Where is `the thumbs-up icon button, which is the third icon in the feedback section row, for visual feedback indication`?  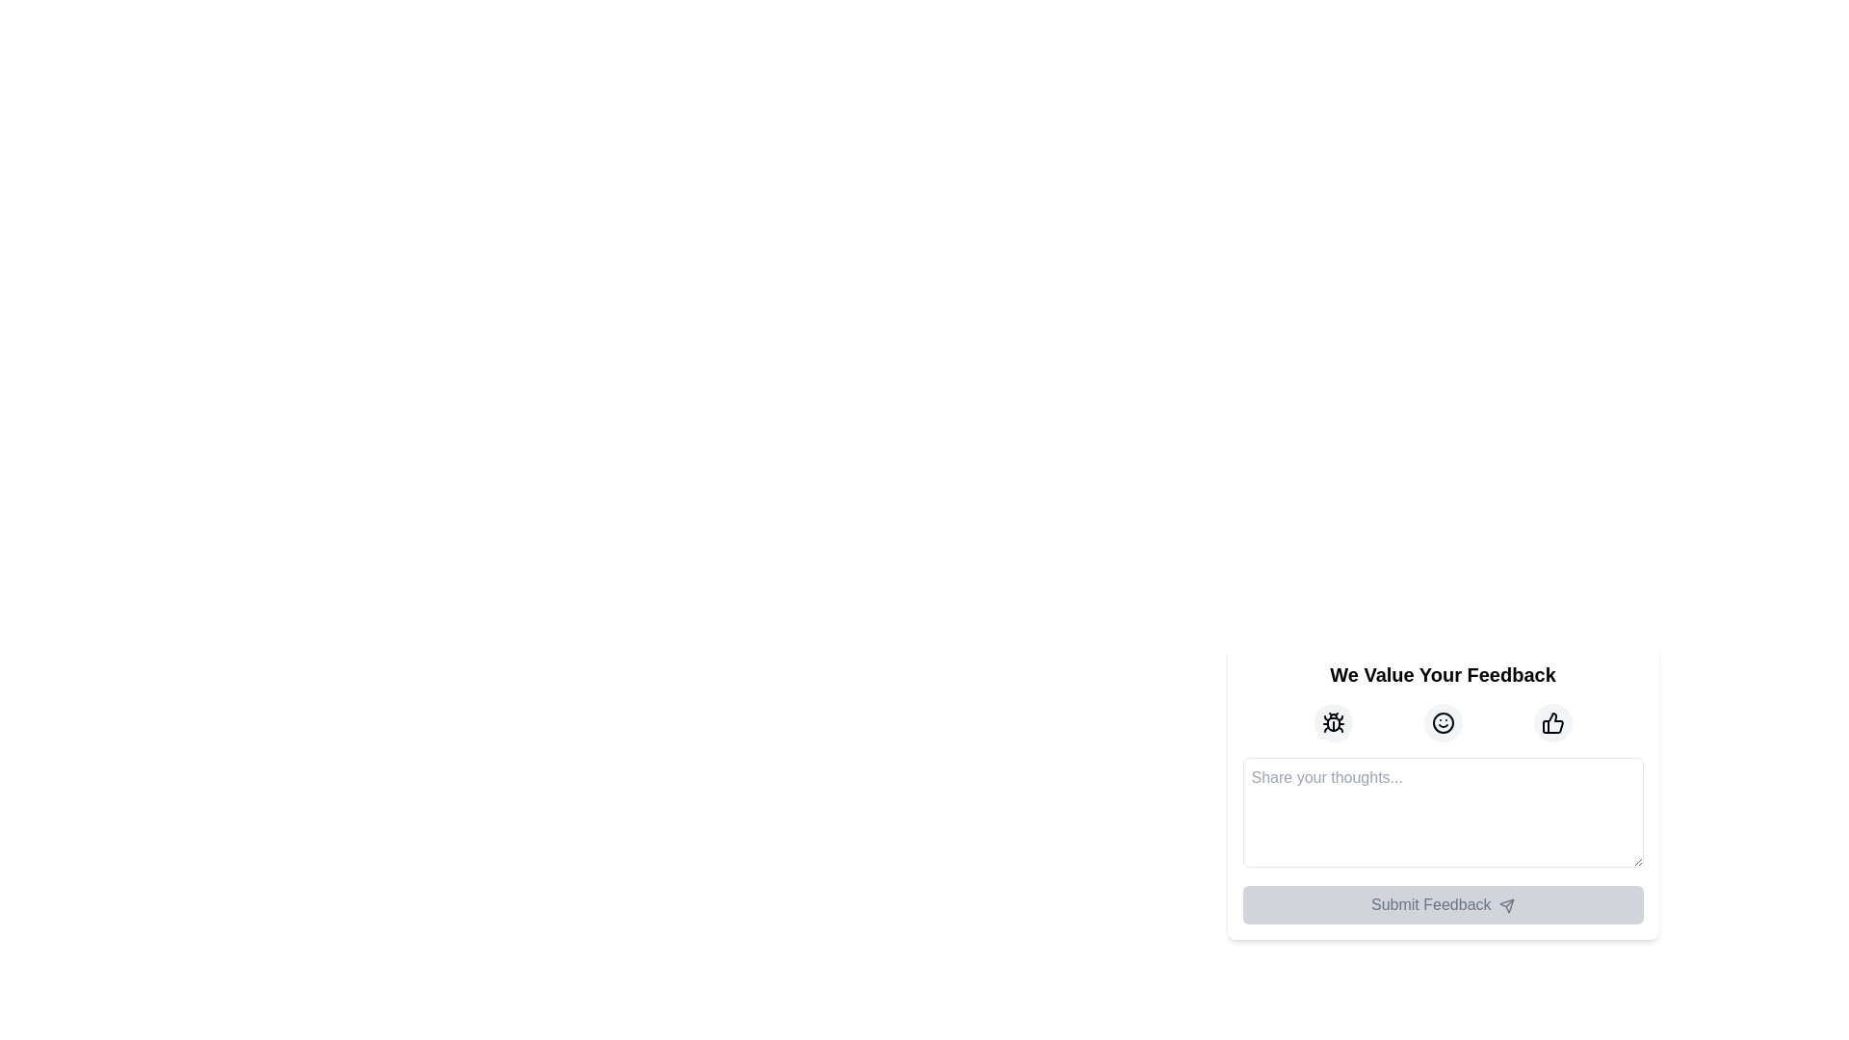
the thumbs-up icon button, which is the third icon in the feedback section row, for visual feedback indication is located at coordinates (1552, 723).